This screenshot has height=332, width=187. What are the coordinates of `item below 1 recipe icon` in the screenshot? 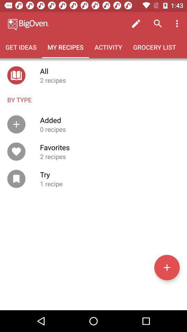 It's located at (167, 267).